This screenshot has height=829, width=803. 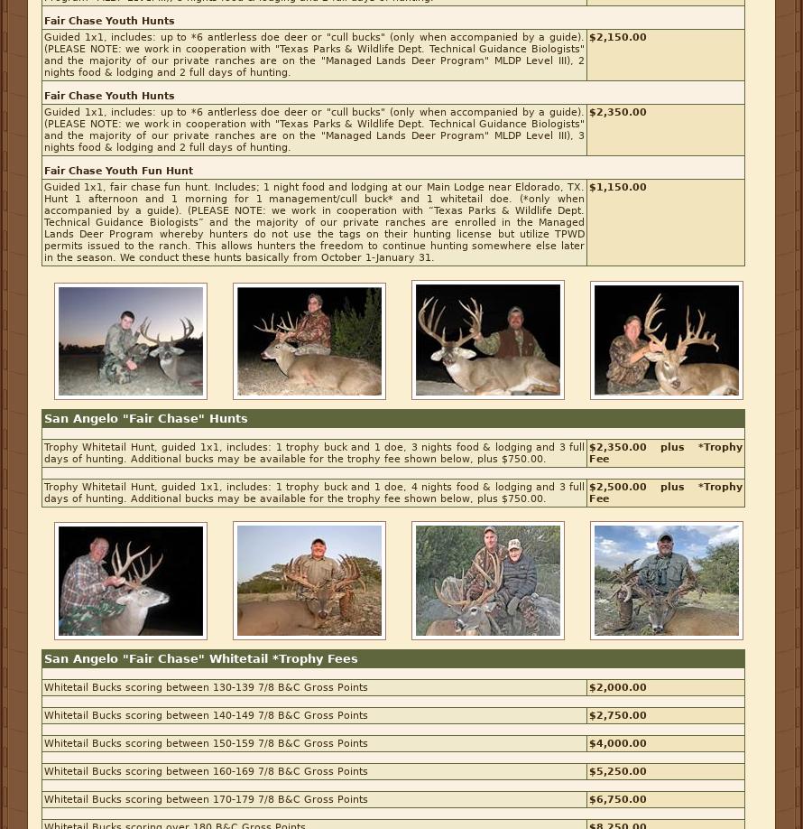 I want to click on '$2,000.00', so click(x=617, y=686).